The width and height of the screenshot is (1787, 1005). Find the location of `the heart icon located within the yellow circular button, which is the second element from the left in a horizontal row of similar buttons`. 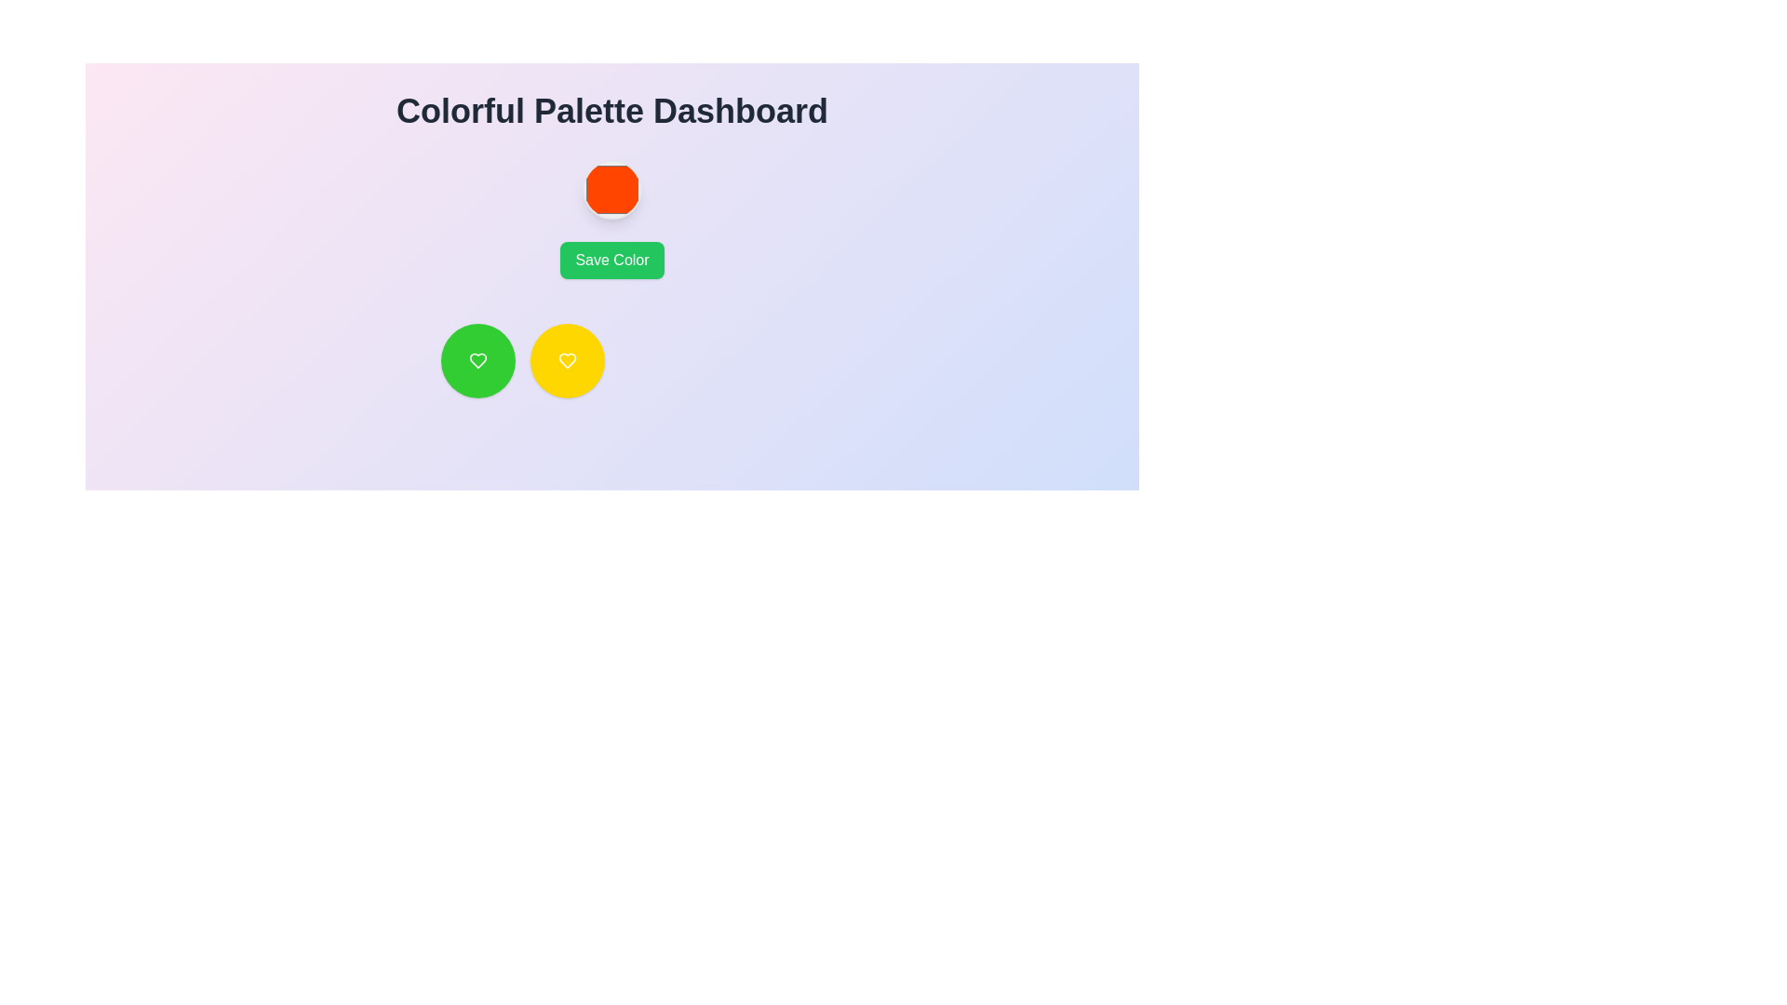

the heart icon located within the yellow circular button, which is the second element from the left in a horizontal row of similar buttons is located at coordinates (566, 361).